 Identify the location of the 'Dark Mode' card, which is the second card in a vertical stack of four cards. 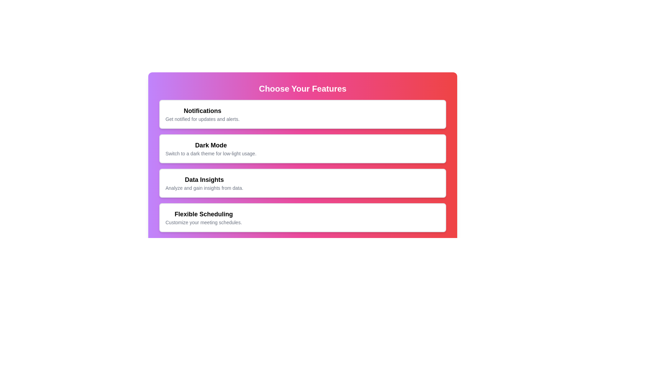
(303, 148).